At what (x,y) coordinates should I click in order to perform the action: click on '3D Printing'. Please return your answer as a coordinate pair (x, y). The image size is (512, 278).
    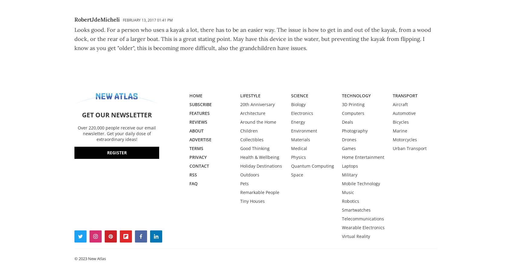
    Looking at the image, I should click on (353, 104).